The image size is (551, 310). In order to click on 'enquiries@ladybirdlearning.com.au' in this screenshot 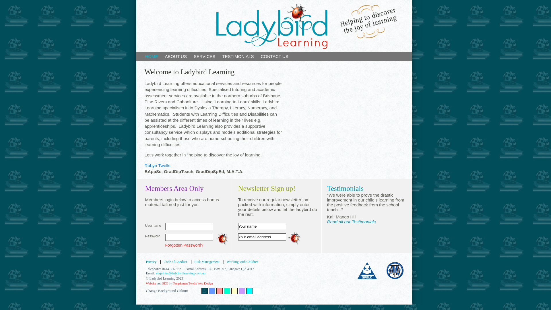, I will do `click(180, 273)`.